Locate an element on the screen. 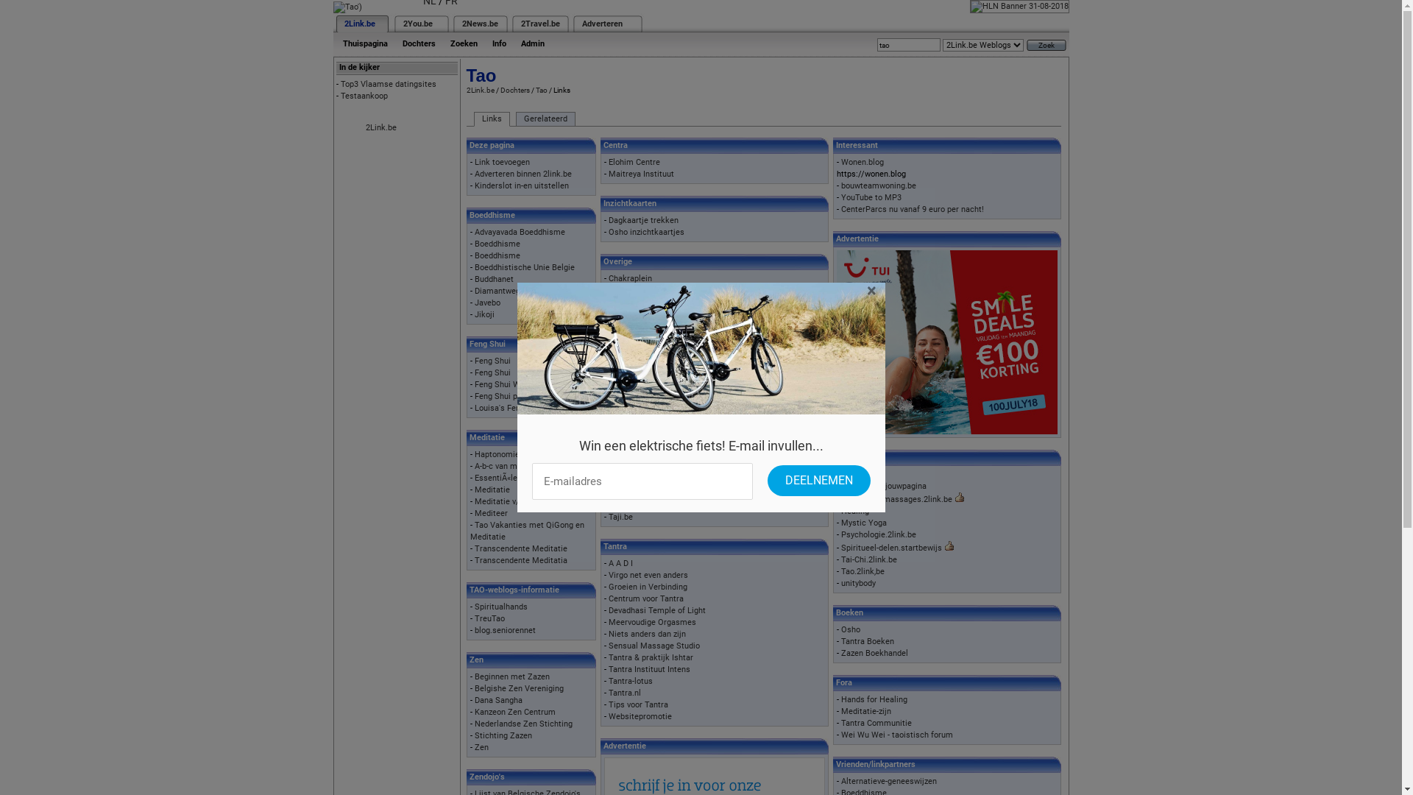 This screenshot has width=1413, height=795. 'Tantra-lotus' is located at coordinates (607, 681).